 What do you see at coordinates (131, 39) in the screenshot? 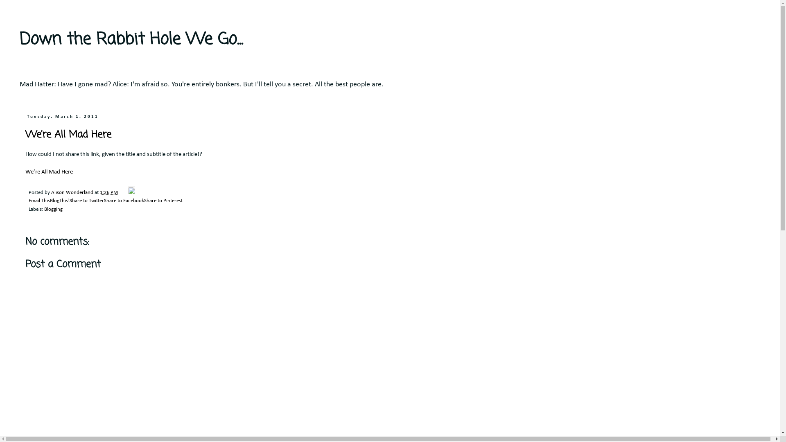
I see `'Down the Rabbit Hole We Go...'` at bounding box center [131, 39].